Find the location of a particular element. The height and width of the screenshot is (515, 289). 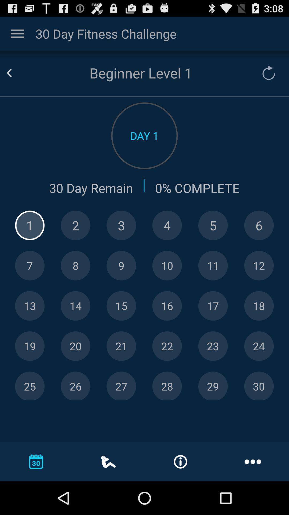

the help icon is located at coordinates (75, 241).